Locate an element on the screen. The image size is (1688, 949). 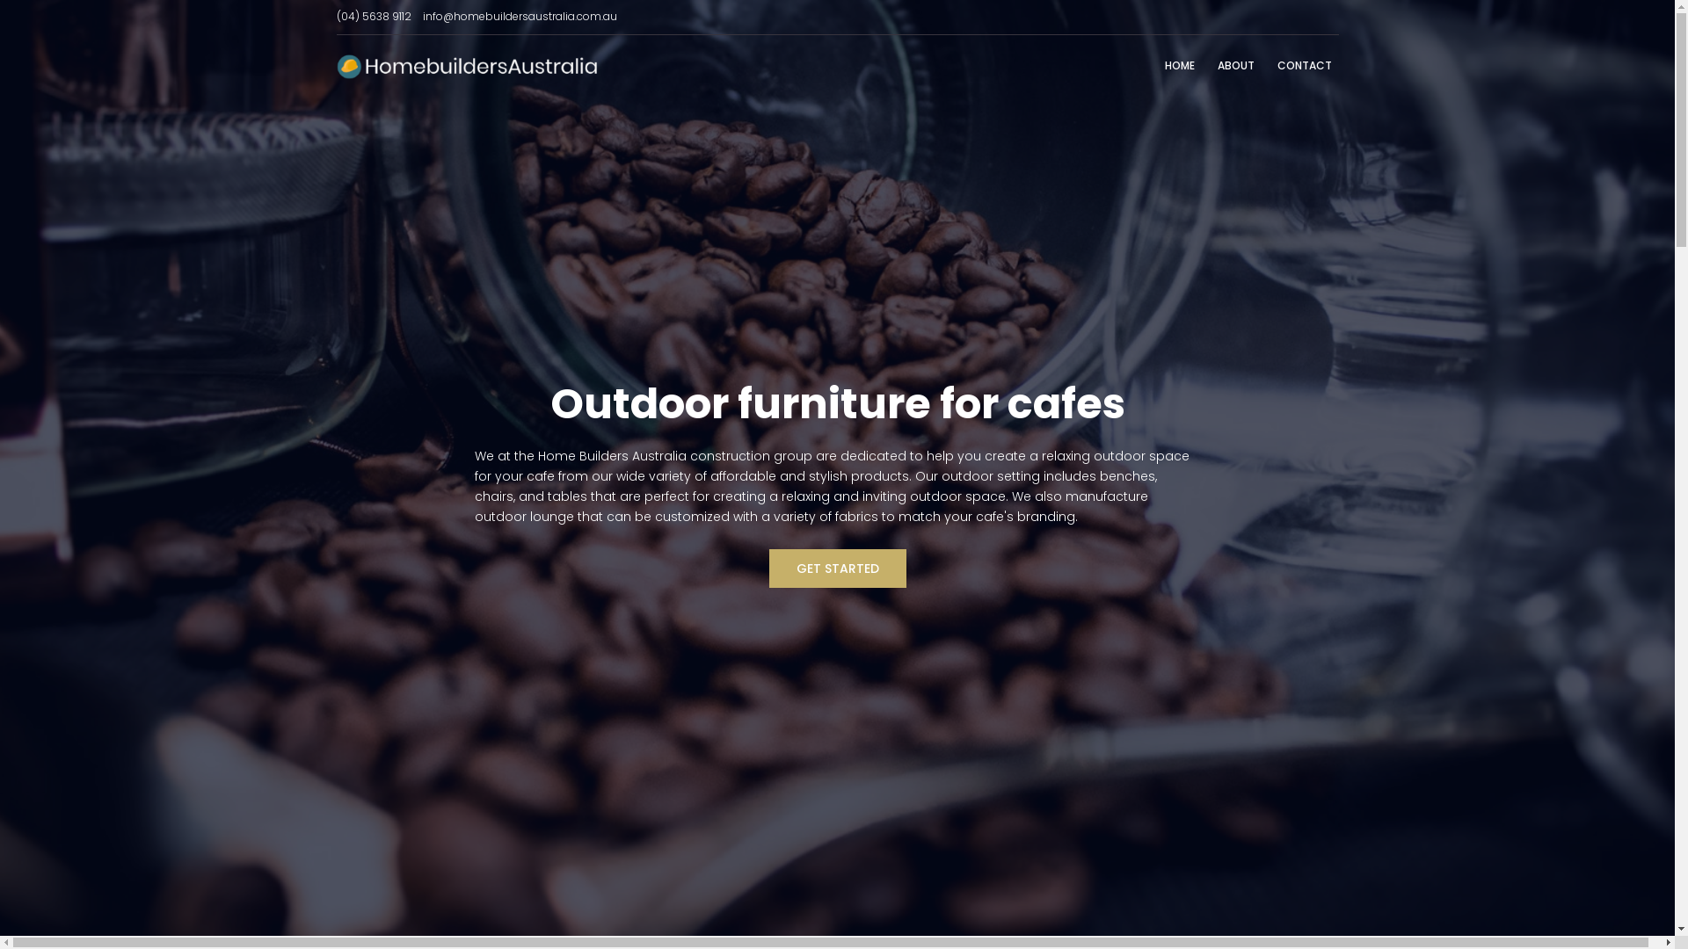
'info@homebuildersaustralia.com.au' is located at coordinates (518, 16).